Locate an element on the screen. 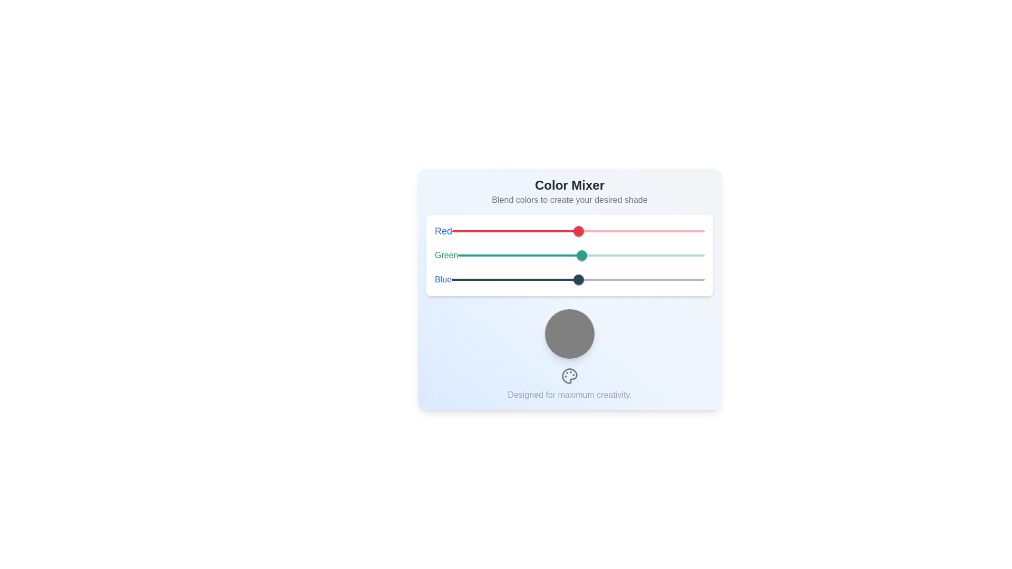 The image size is (1012, 569). the green slider is located at coordinates (495, 256).